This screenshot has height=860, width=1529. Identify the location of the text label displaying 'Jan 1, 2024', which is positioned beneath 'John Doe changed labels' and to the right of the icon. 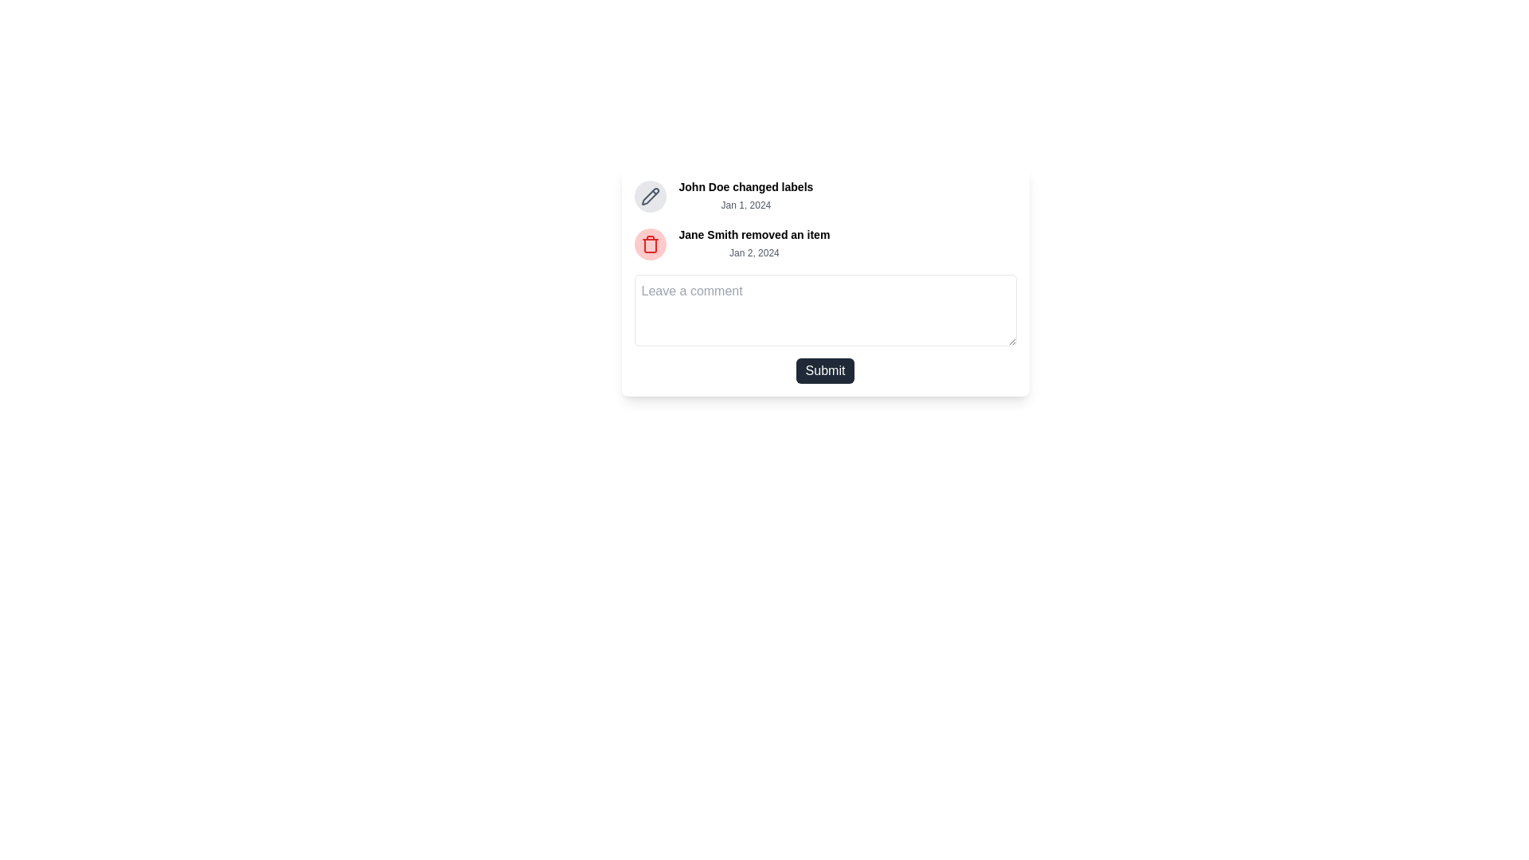
(745, 205).